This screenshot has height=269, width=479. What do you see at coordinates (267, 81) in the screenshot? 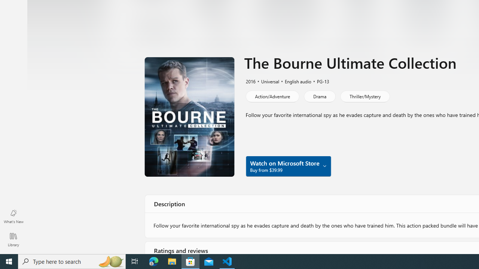
I see `'Universal'` at bounding box center [267, 81].